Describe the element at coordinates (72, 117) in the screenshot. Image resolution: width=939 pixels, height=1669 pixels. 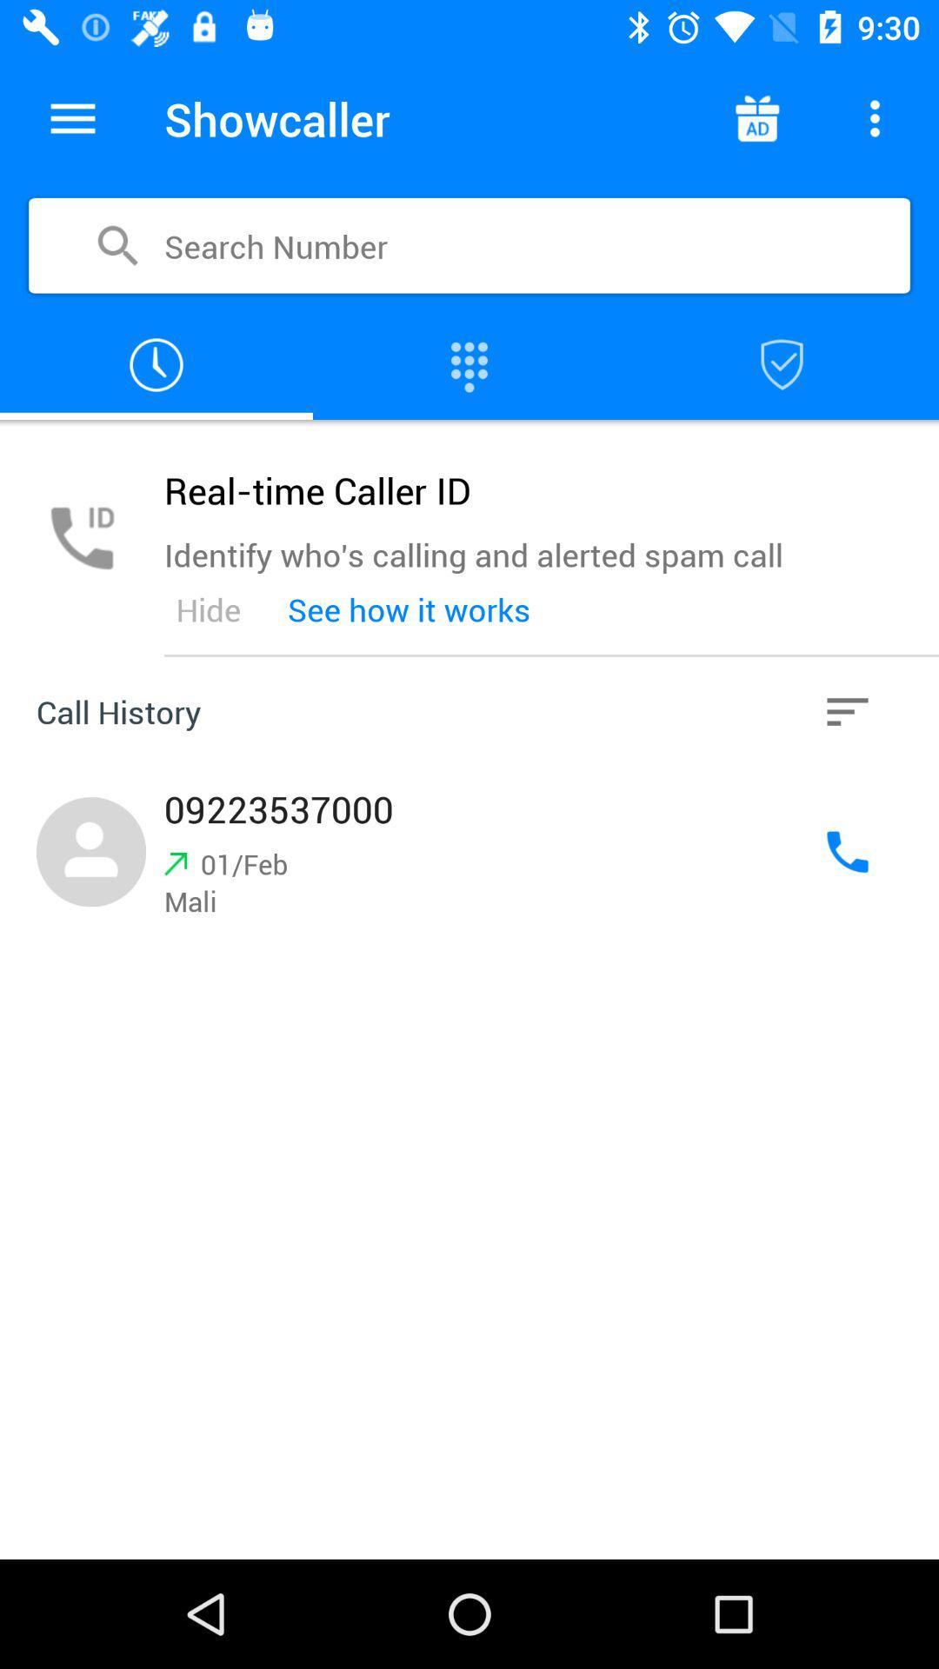
I see `open options tab` at that location.